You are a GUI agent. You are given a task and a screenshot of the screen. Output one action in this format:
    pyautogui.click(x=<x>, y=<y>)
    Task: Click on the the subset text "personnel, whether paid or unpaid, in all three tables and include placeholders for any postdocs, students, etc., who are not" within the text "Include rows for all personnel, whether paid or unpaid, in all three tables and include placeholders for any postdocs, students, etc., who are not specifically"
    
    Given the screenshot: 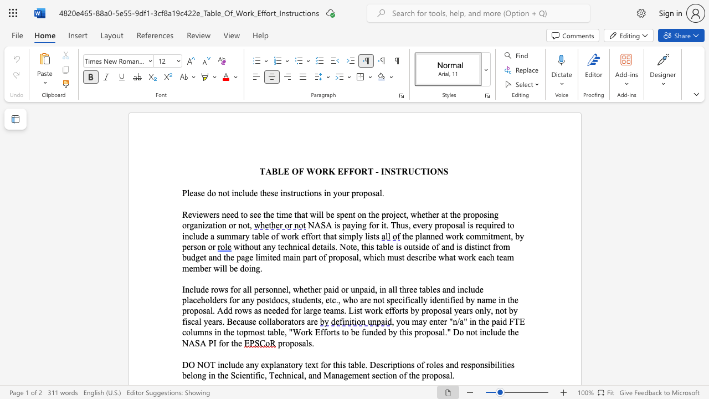 What is the action you would take?
    pyautogui.click(x=253, y=289)
    